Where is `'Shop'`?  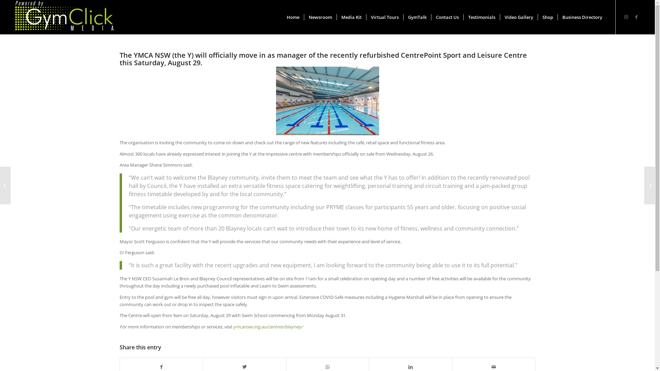
'Shop' is located at coordinates (547, 17).